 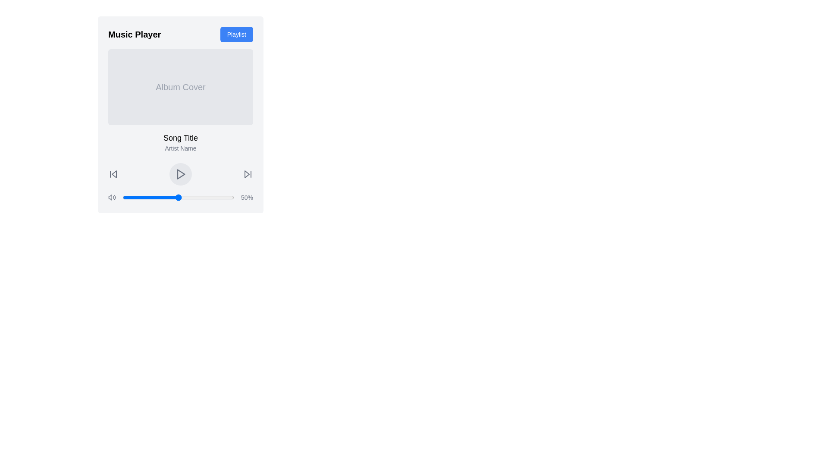 I want to click on the circular play button with a light gray background and a play icon in the center to play the media, so click(x=180, y=174).